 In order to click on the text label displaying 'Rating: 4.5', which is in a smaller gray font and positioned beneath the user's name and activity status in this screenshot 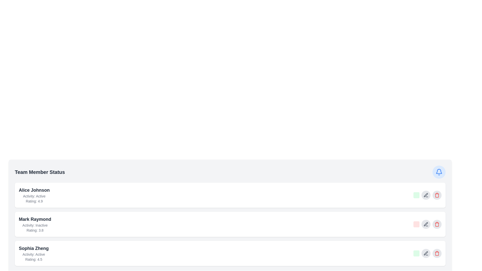, I will do `click(33, 259)`.